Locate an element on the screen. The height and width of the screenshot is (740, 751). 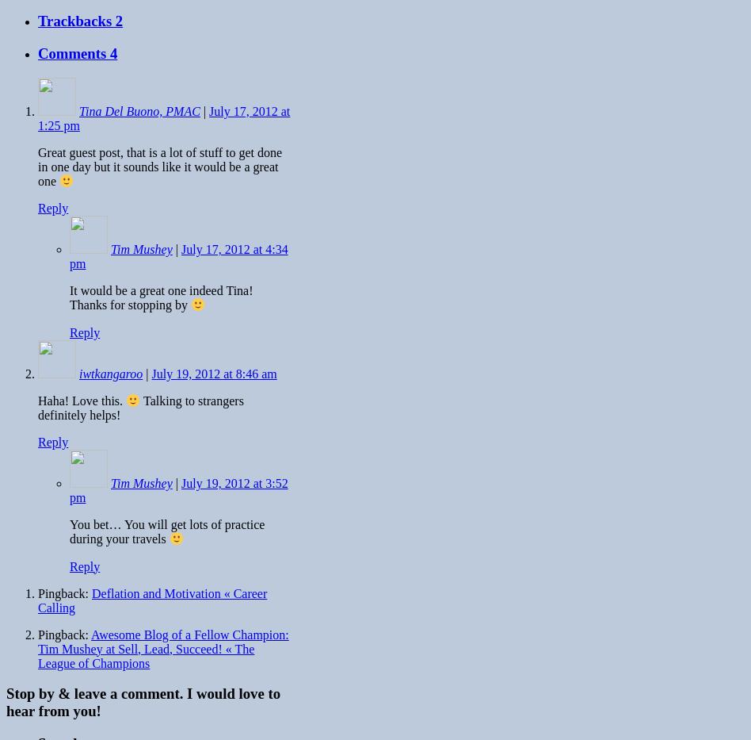
'Comments 4' is located at coordinates (78, 53).